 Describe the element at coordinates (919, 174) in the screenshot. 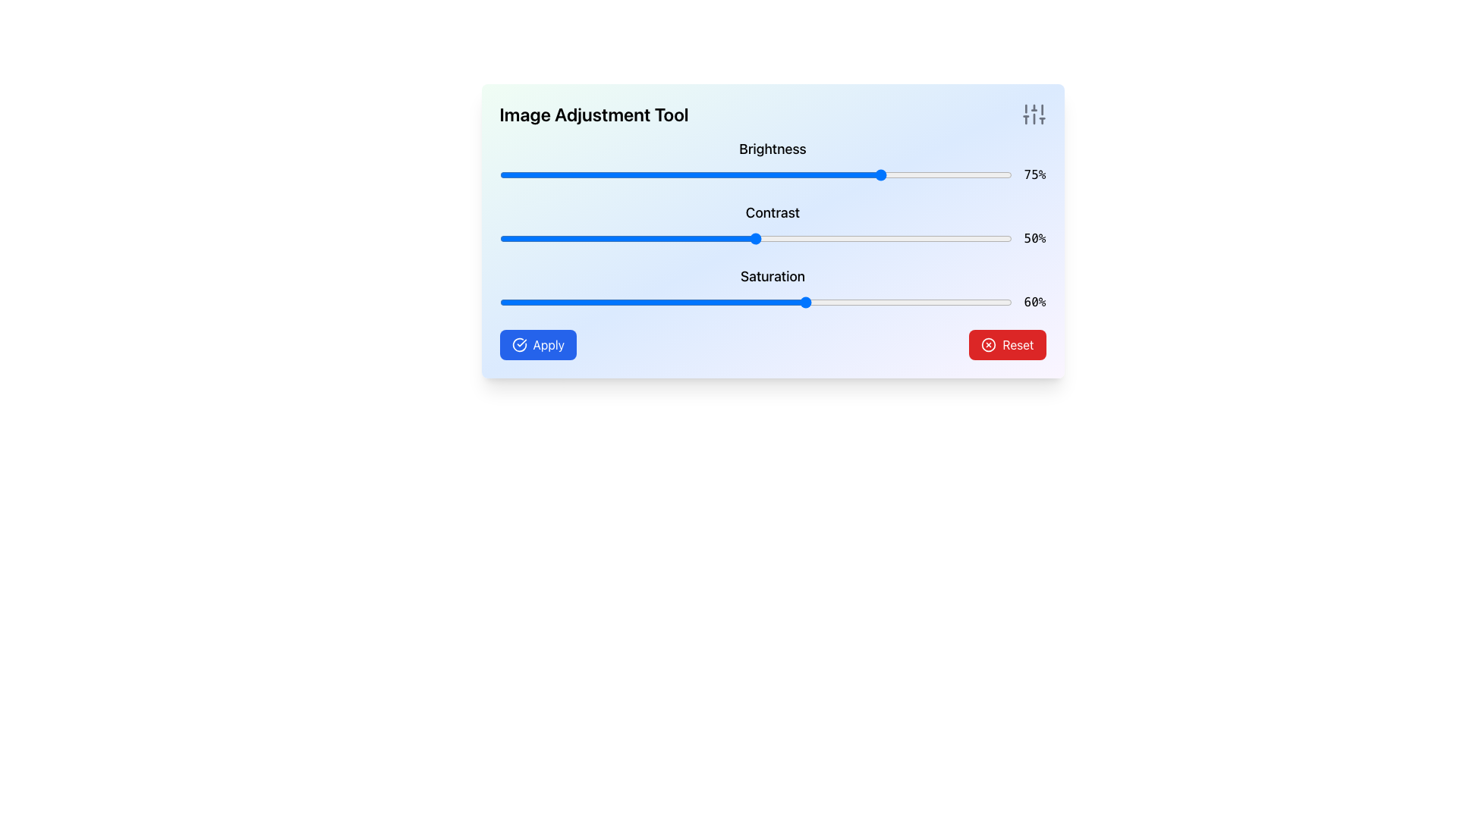

I see `brightness` at that location.